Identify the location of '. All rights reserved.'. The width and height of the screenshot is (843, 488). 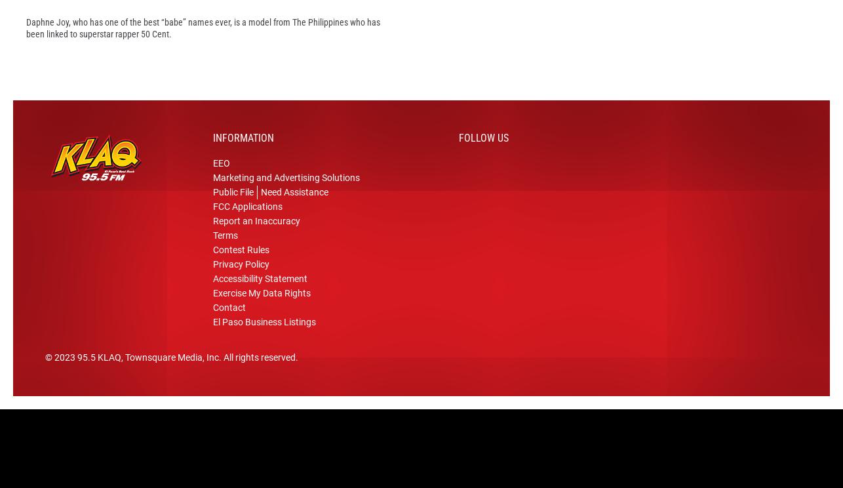
(258, 378).